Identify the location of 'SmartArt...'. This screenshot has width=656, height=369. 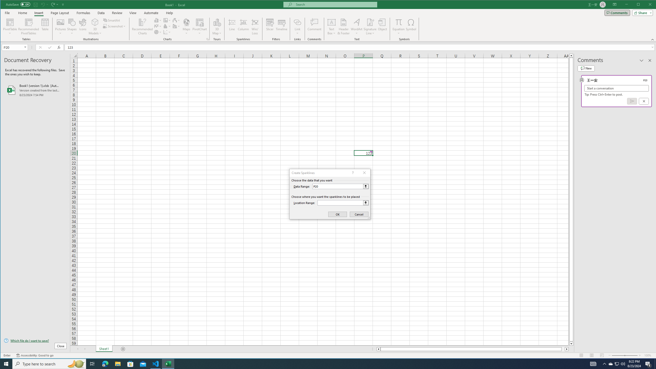
(112, 20).